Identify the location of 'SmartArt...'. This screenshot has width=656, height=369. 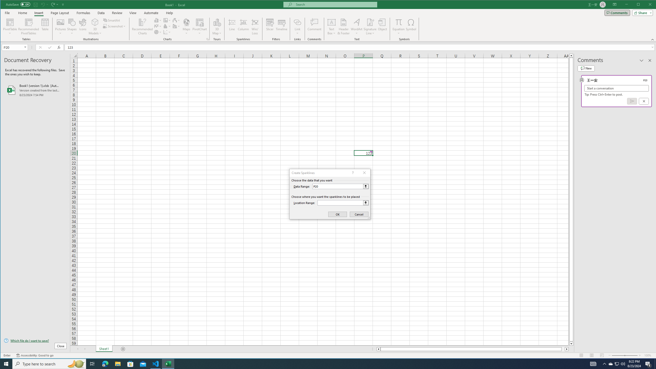
(112, 20).